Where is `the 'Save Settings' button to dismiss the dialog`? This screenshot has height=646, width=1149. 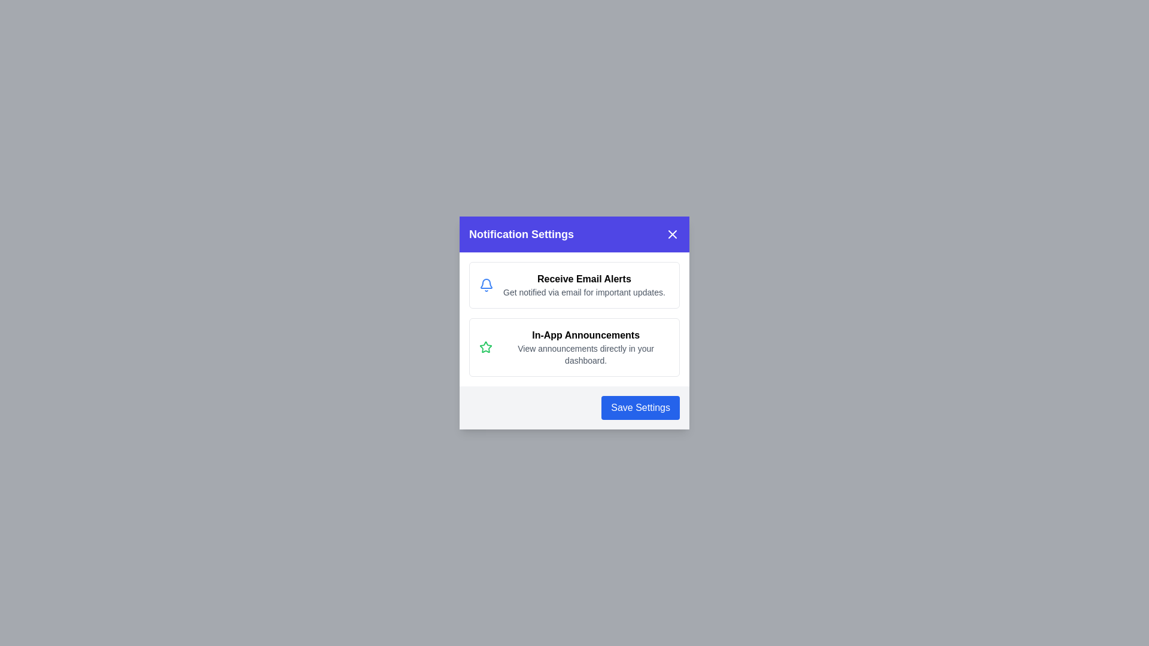 the 'Save Settings' button to dismiss the dialog is located at coordinates (640, 407).